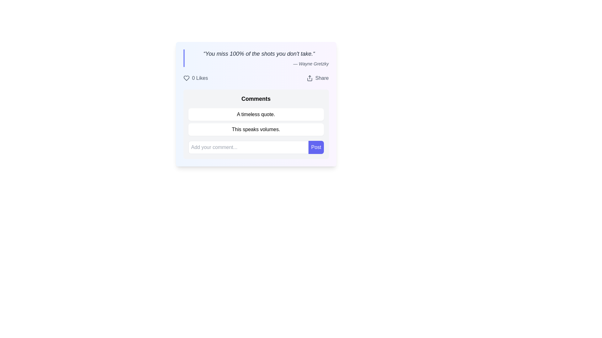  Describe the element at coordinates (309, 78) in the screenshot. I see `the 'Share' icon, a minimalist black or gray arrow pointing upwards from a box located in the top-right section of the card interface` at that location.